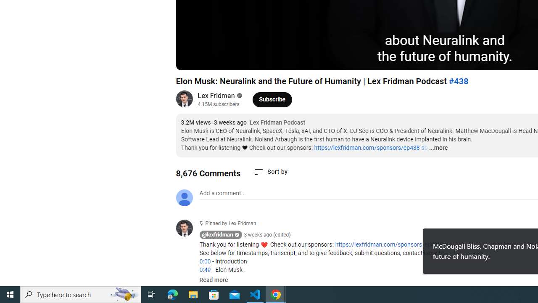  I want to click on '3 weeks ago (edited)', so click(267, 235).